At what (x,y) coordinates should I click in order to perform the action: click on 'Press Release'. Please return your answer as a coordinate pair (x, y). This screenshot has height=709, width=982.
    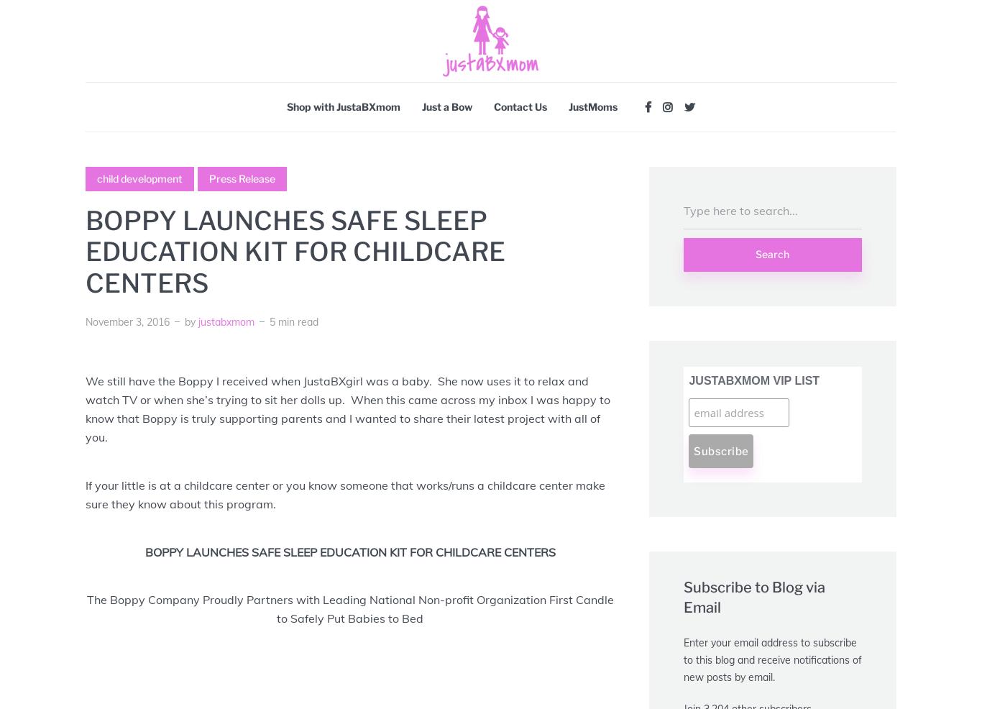
    Looking at the image, I should click on (242, 178).